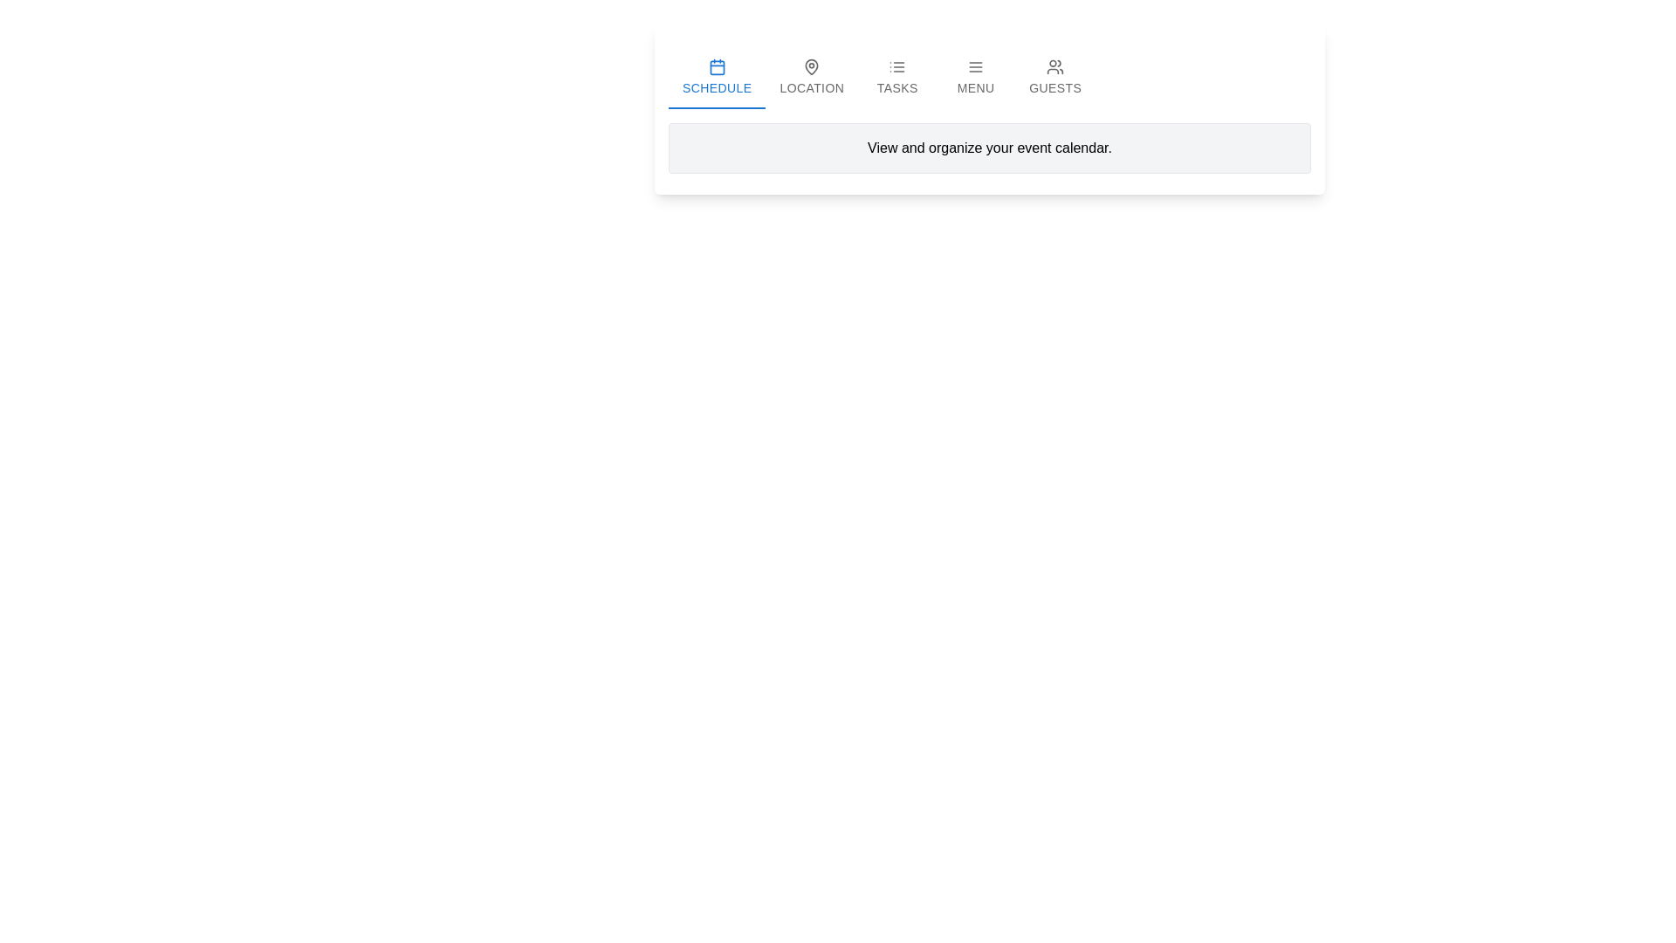 This screenshot has width=1676, height=943. I want to click on the navigation icon located second in the top navigation bar, which is positioned between the 'SCHEDULE' tab and the 'TASKS' tab, so click(811, 66).